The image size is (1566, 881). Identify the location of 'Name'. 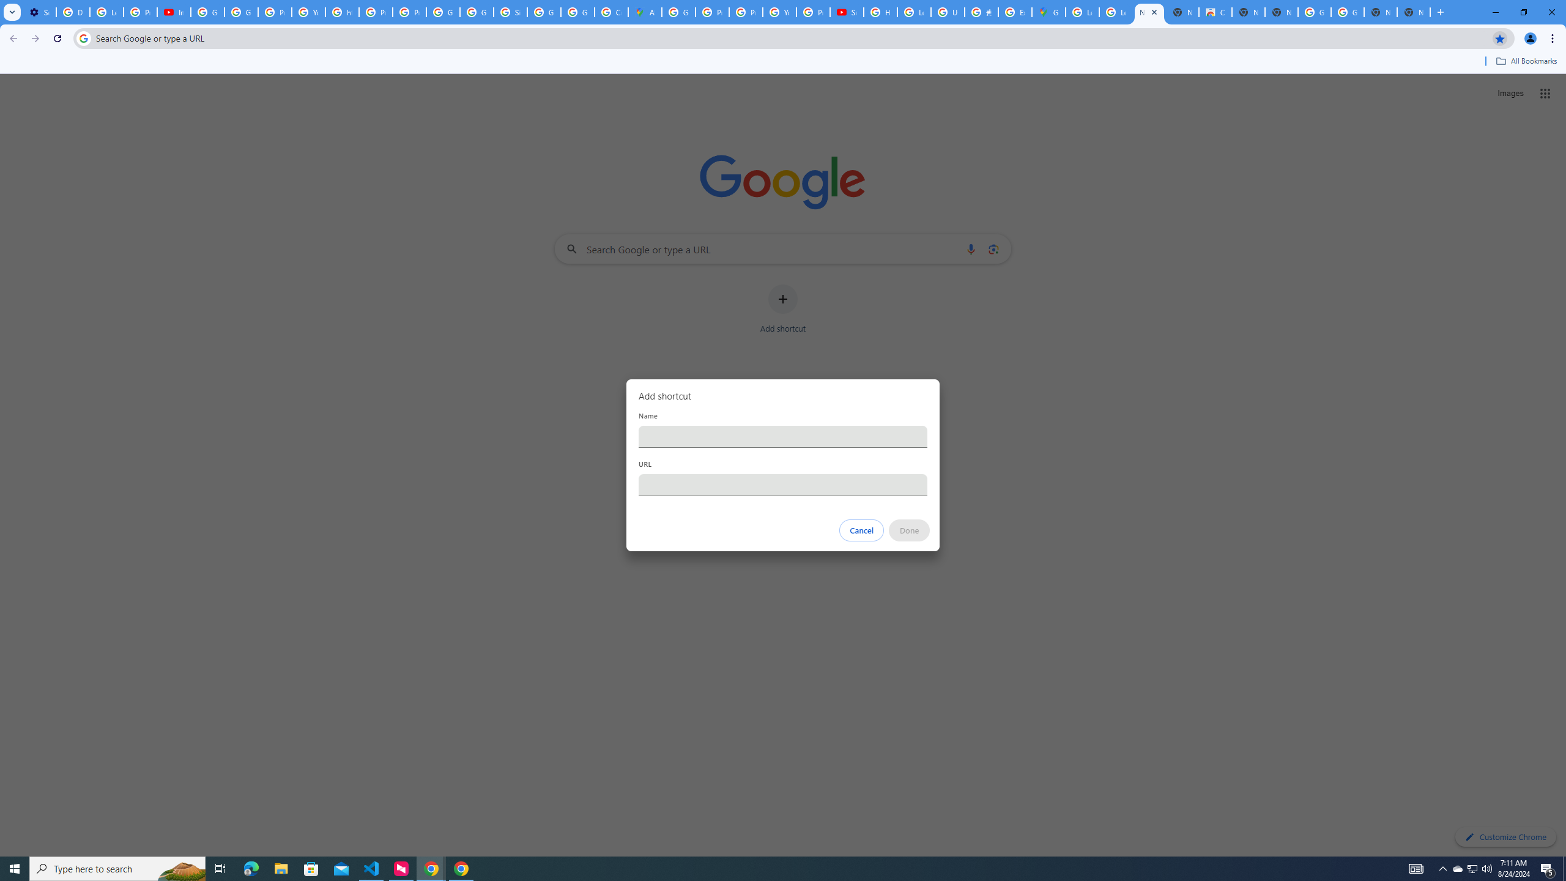
(783, 436).